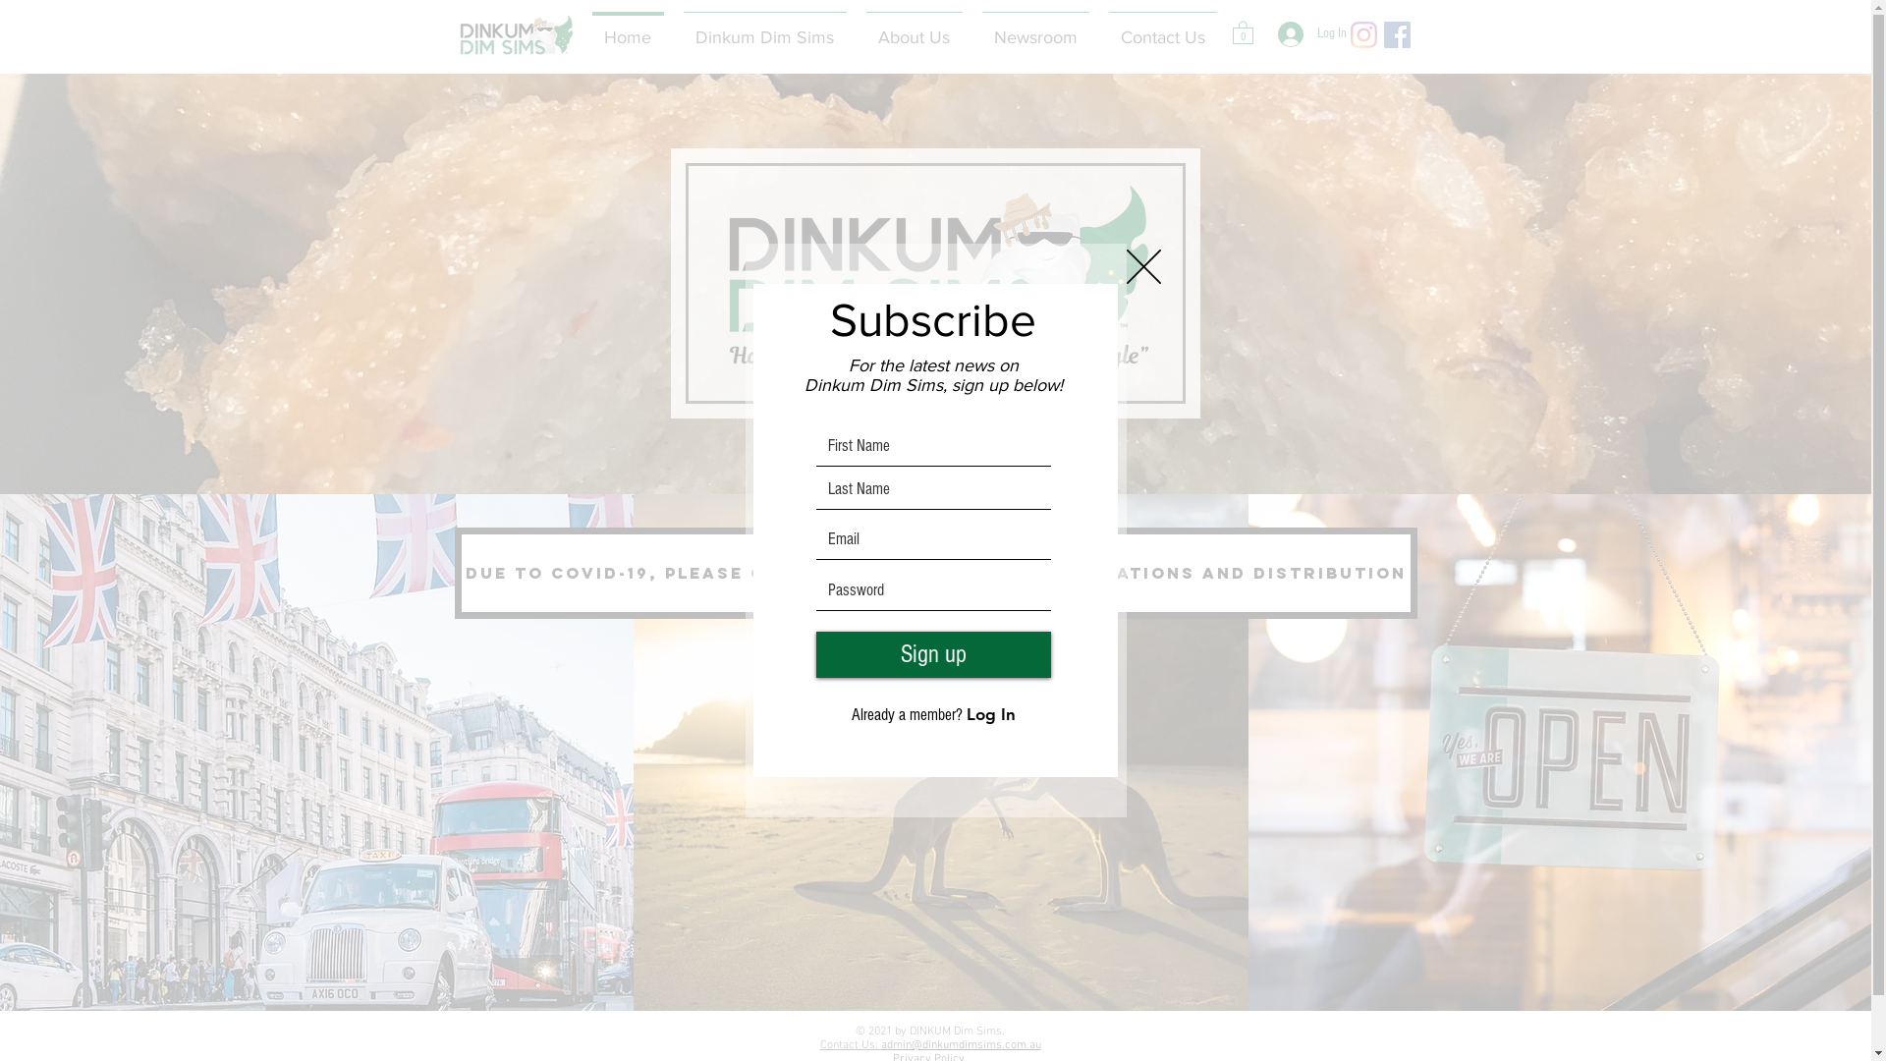 Image resolution: width=1886 pixels, height=1061 pixels. I want to click on 'Newsroom', so click(971, 28).